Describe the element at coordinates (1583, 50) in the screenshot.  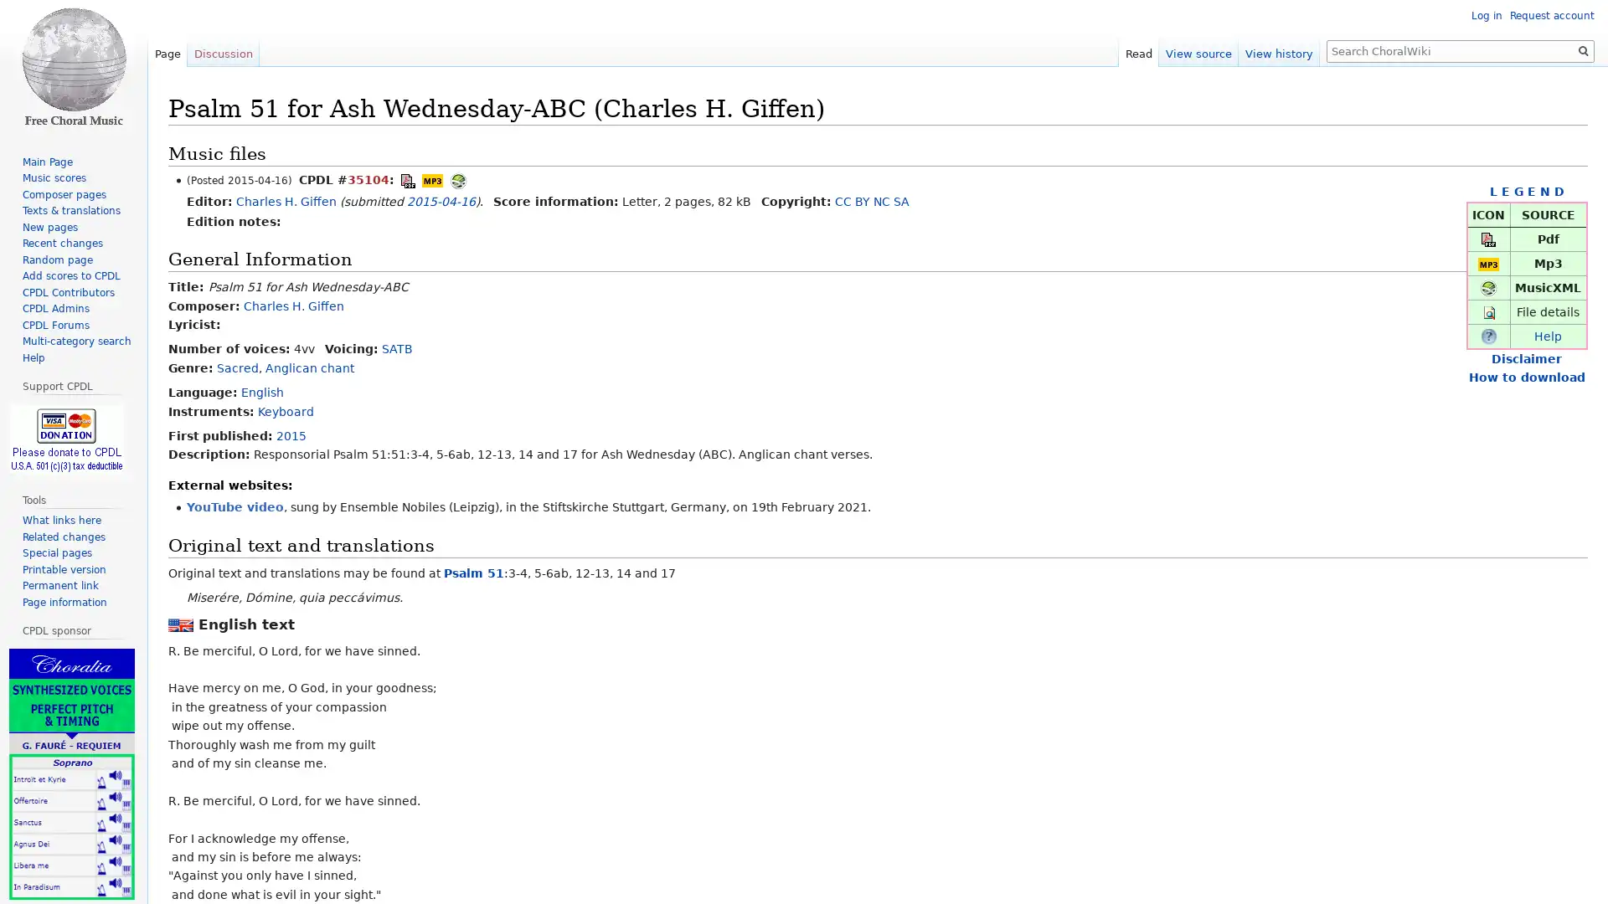
I see `Go` at that location.